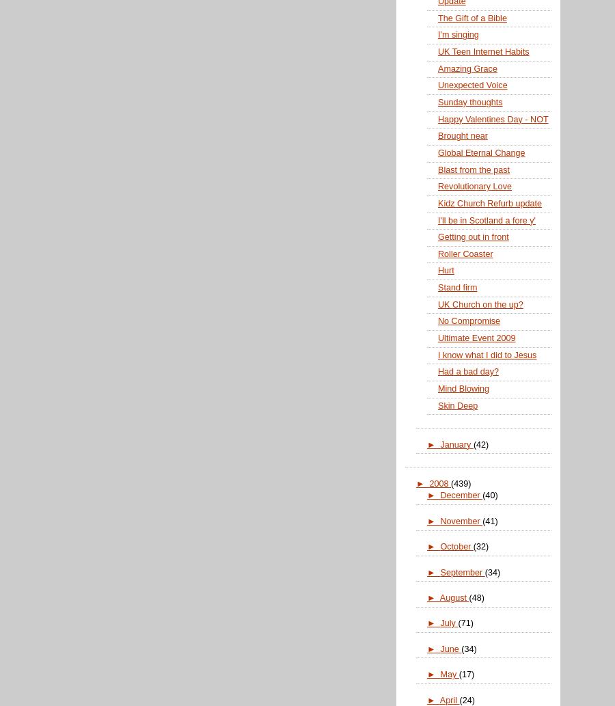  I want to click on 'Ultimate Event 2009', so click(476, 338).